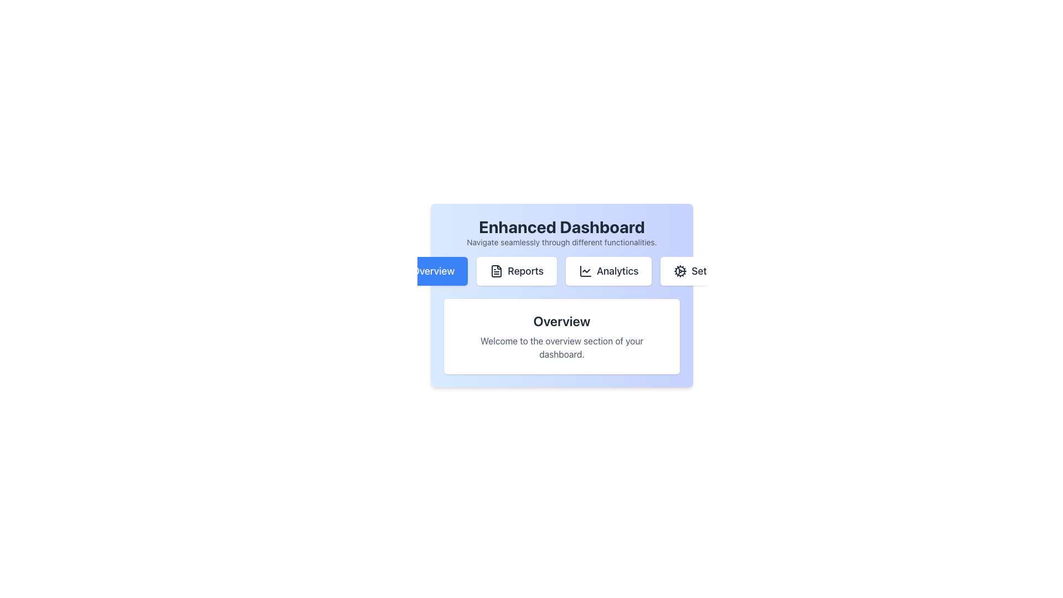 This screenshot has height=598, width=1063. Describe the element at coordinates (432, 271) in the screenshot. I see `the 'Overview' text element in the navigation bar` at that location.